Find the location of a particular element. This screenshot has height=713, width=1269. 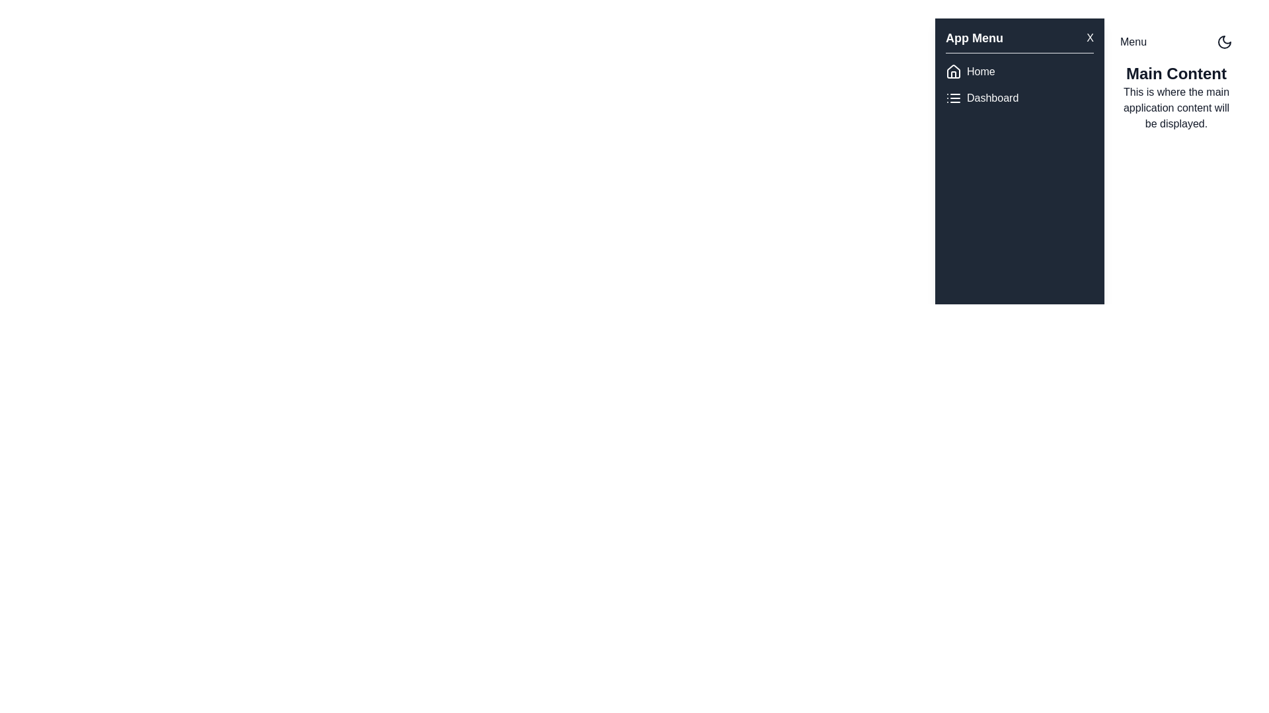

the 'X' close button, which is a white 'X' icon on a dark background, positioned to the right of the 'App Menu' header is located at coordinates (1090, 37).